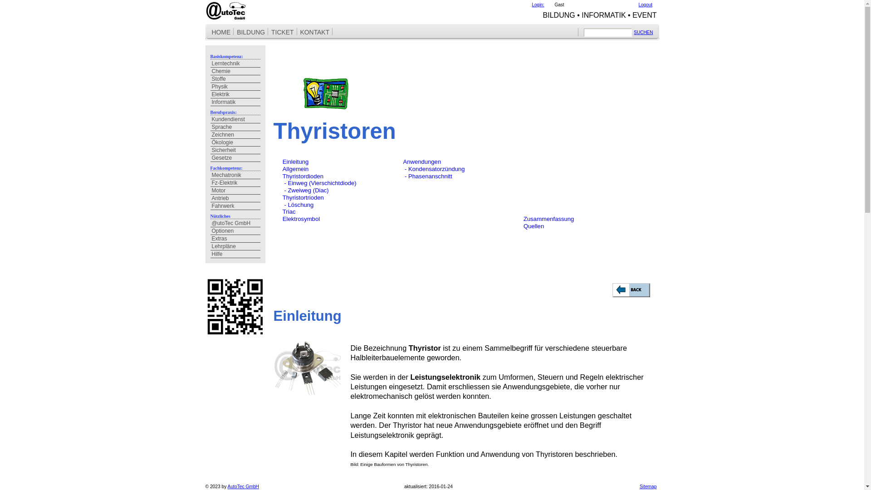  I want to click on 'BILDUNG', so click(250, 31).